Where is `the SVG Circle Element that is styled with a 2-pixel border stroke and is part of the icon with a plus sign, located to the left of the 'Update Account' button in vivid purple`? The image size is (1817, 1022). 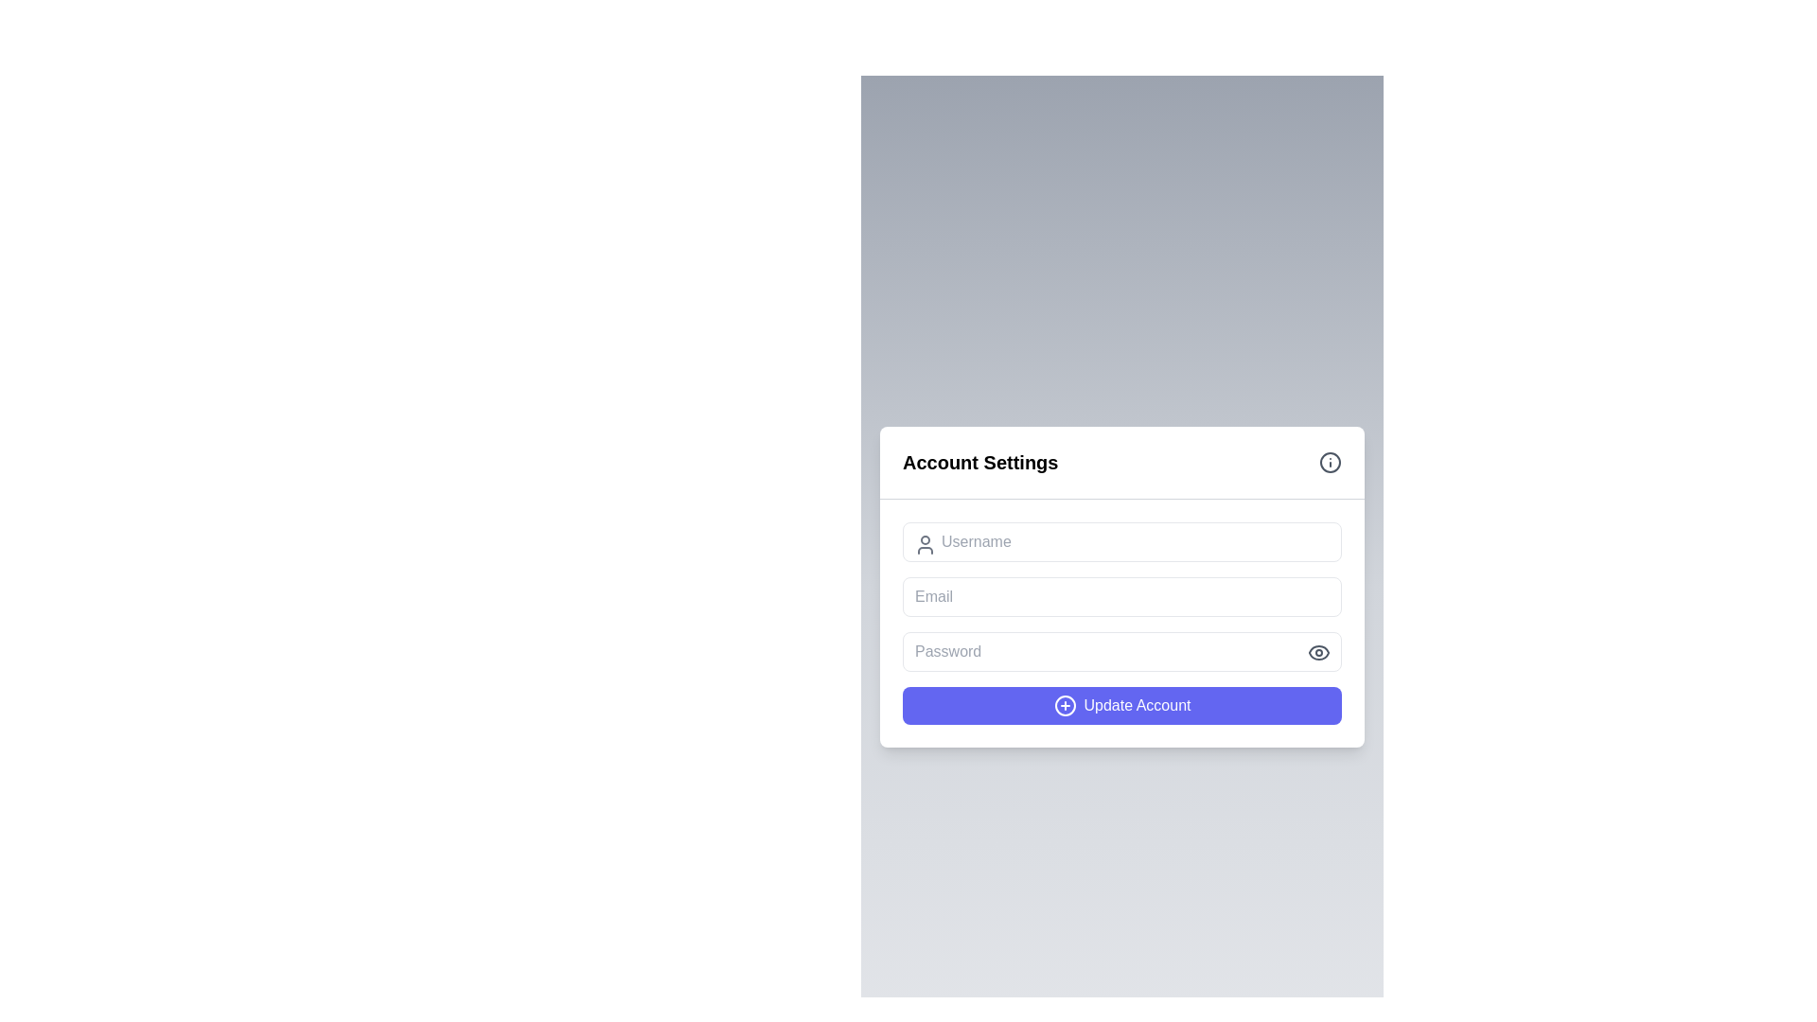
the SVG Circle Element that is styled with a 2-pixel border stroke and is part of the icon with a plus sign, located to the left of the 'Update Account' button in vivid purple is located at coordinates (1065, 705).